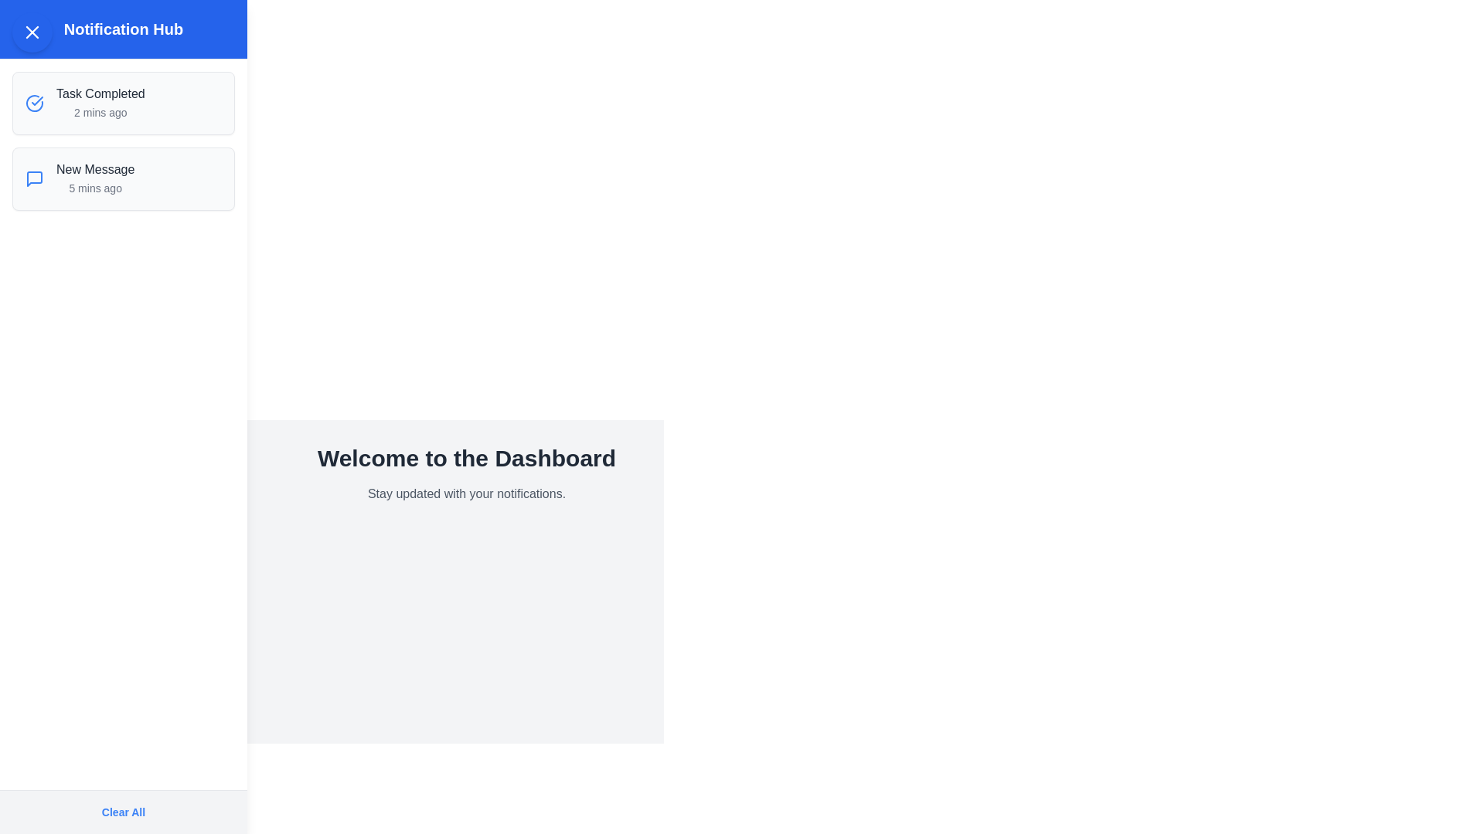 This screenshot has height=834, width=1484. I want to click on the header text that reads 'Welcome to the Dashboard', which is styled in large, bold font and is centered above the smaller text element, so click(466, 458).